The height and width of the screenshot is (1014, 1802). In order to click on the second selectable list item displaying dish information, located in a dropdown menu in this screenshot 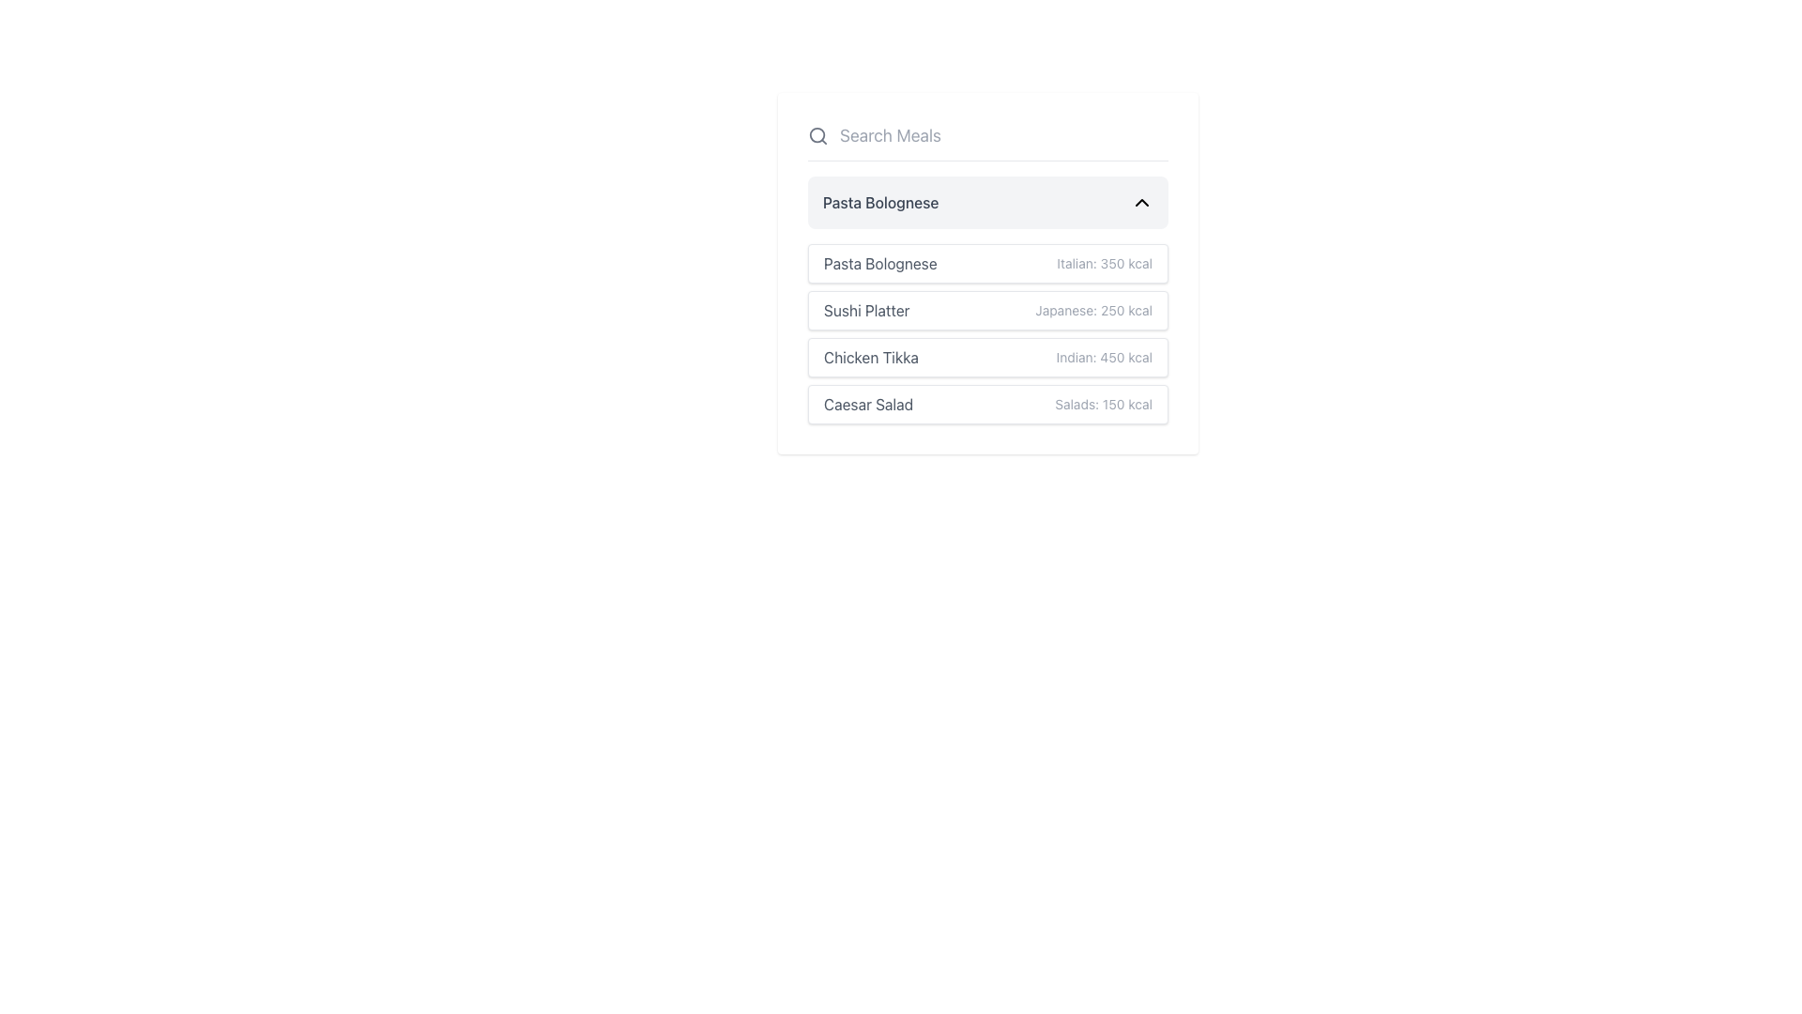, I will do `click(986, 310)`.